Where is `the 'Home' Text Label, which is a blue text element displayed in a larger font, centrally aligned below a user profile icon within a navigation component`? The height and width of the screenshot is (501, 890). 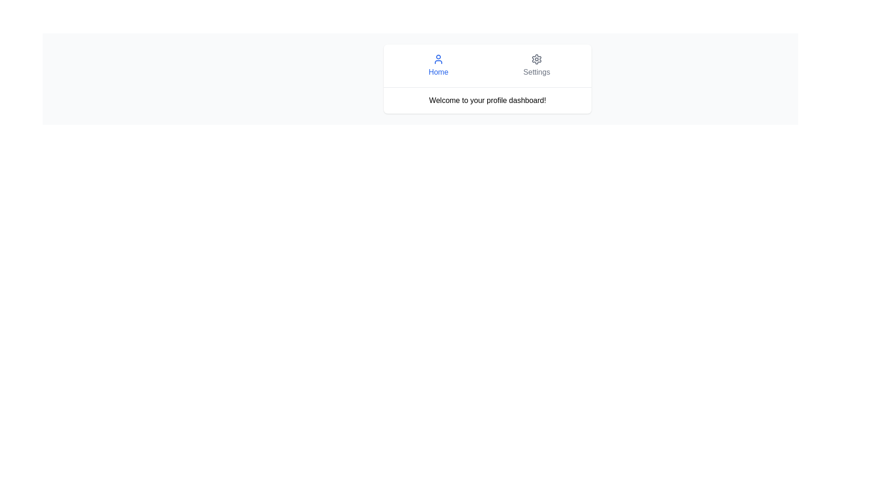 the 'Home' Text Label, which is a blue text element displayed in a larger font, centrally aligned below a user profile icon within a navigation component is located at coordinates (438, 71).